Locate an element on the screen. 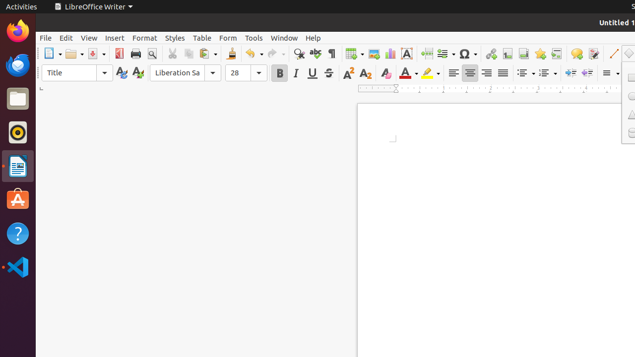 This screenshot has height=357, width=635. 'Bookmark' is located at coordinates (539, 54).